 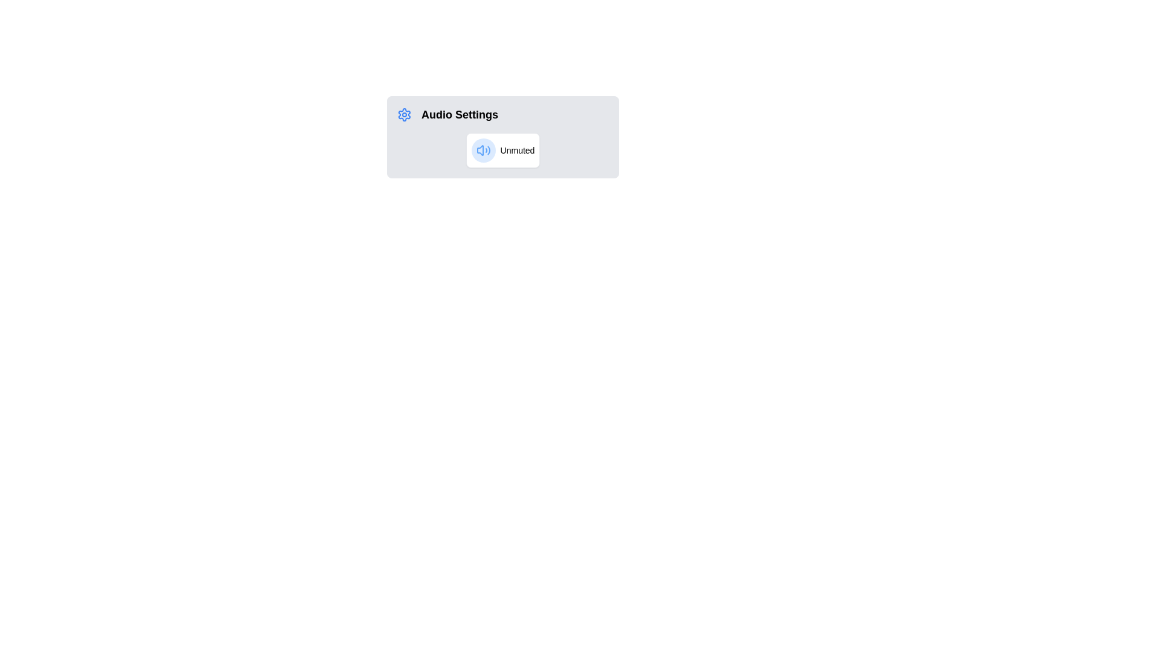 I want to click on the cogwheel icon located at the top-left corner of the 'Audio Settings' card, indicating an interaction to customize or configure options, so click(x=404, y=114).